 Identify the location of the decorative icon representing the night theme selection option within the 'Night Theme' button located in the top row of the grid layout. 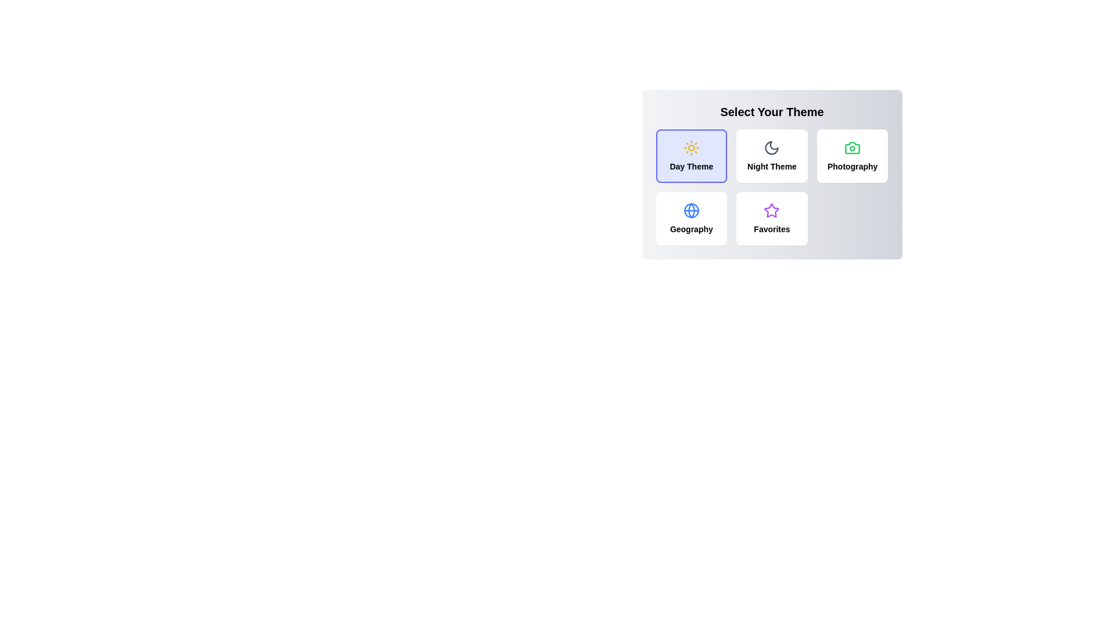
(772, 147).